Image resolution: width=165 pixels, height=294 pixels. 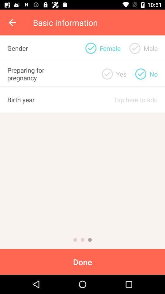 I want to click on the check icon, so click(x=141, y=73).